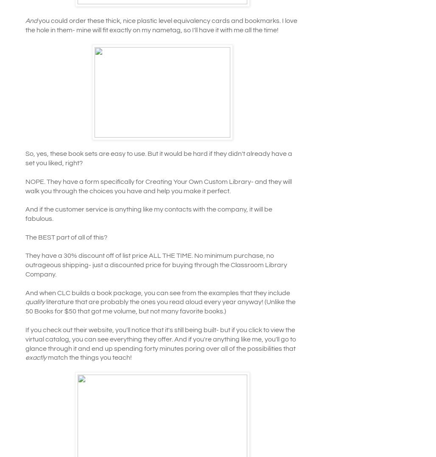  Describe the element at coordinates (35, 302) in the screenshot. I see `'quality'` at that location.